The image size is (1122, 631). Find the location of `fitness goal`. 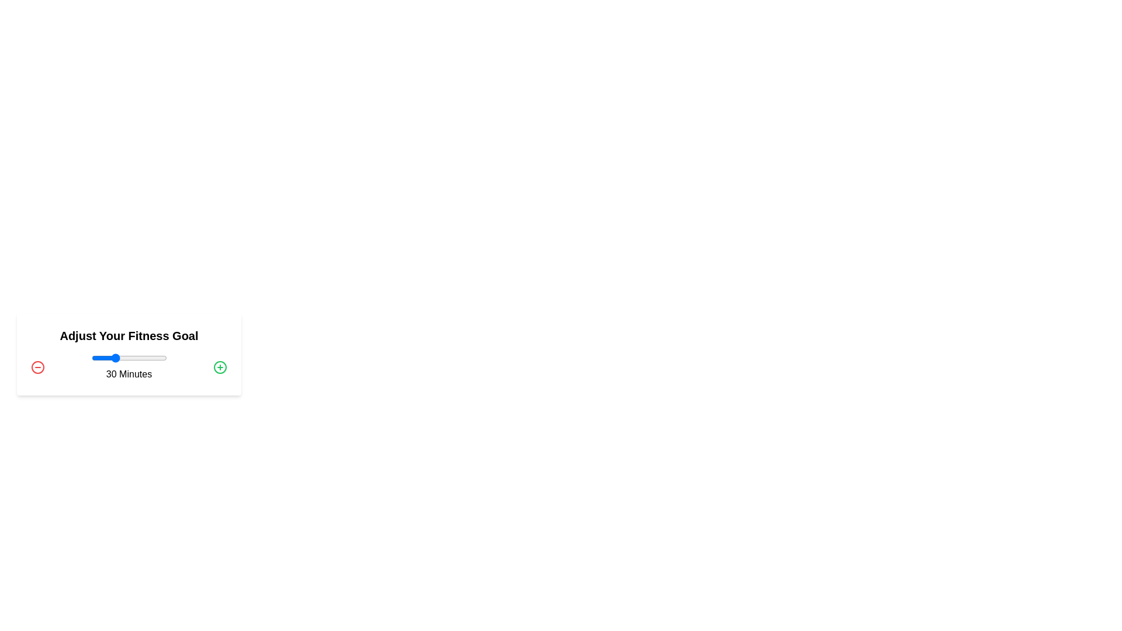

fitness goal is located at coordinates (130, 358).